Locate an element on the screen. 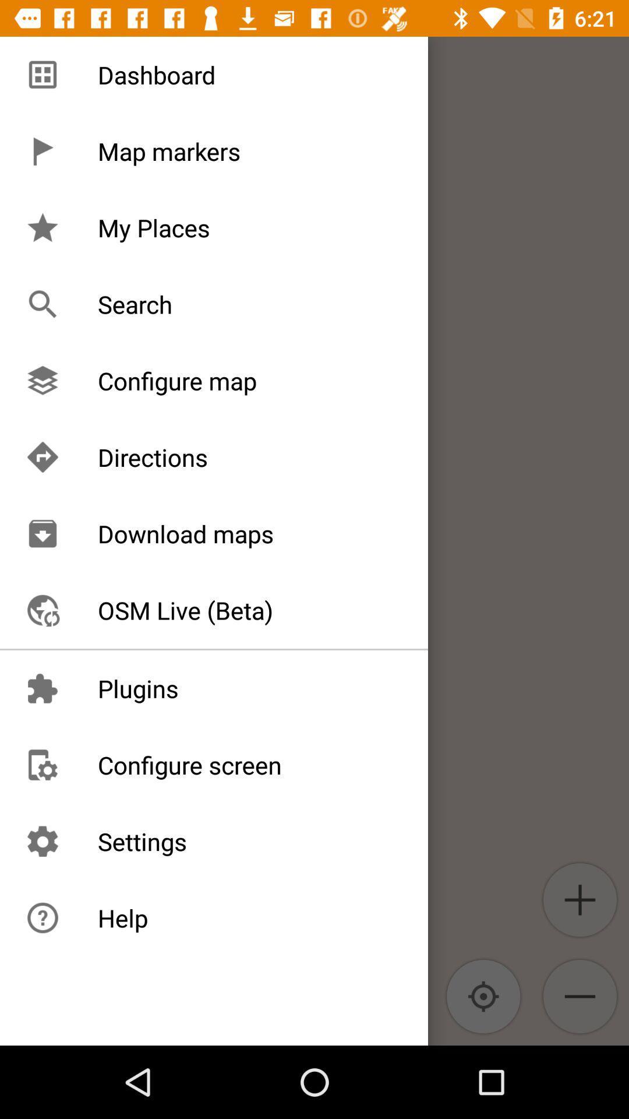 This screenshot has height=1119, width=629. the add icon is located at coordinates (579, 899).